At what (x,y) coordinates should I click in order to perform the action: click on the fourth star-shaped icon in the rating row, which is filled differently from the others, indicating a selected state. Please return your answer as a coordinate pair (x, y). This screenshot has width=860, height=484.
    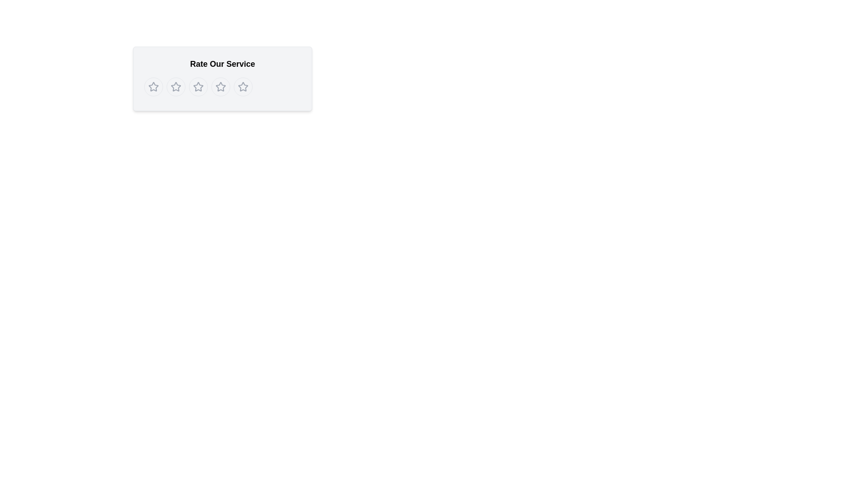
    Looking at the image, I should click on (221, 86).